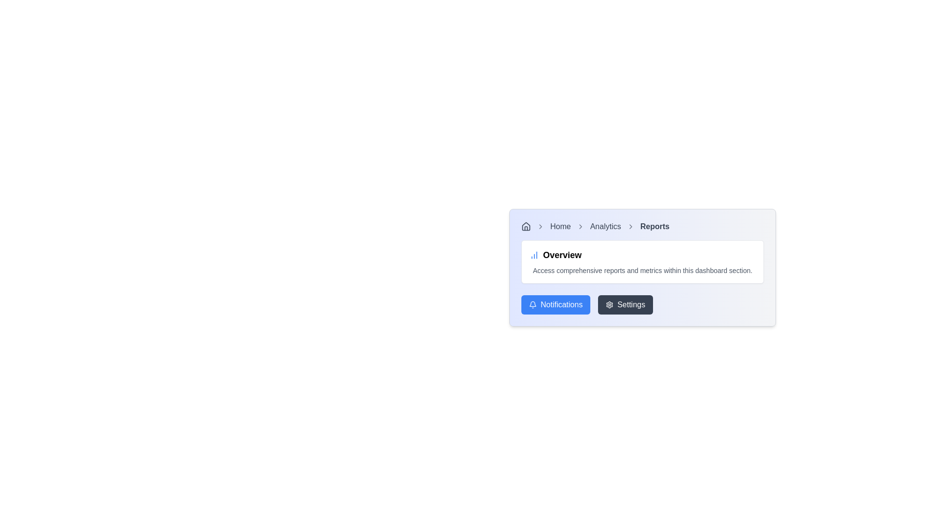 This screenshot has width=926, height=521. Describe the element at coordinates (562, 254) in the screenshot. I see `title 'Overview' which serves as a heading summarizing the current section of the application, located to the right of a small blue chart icon` at that location.